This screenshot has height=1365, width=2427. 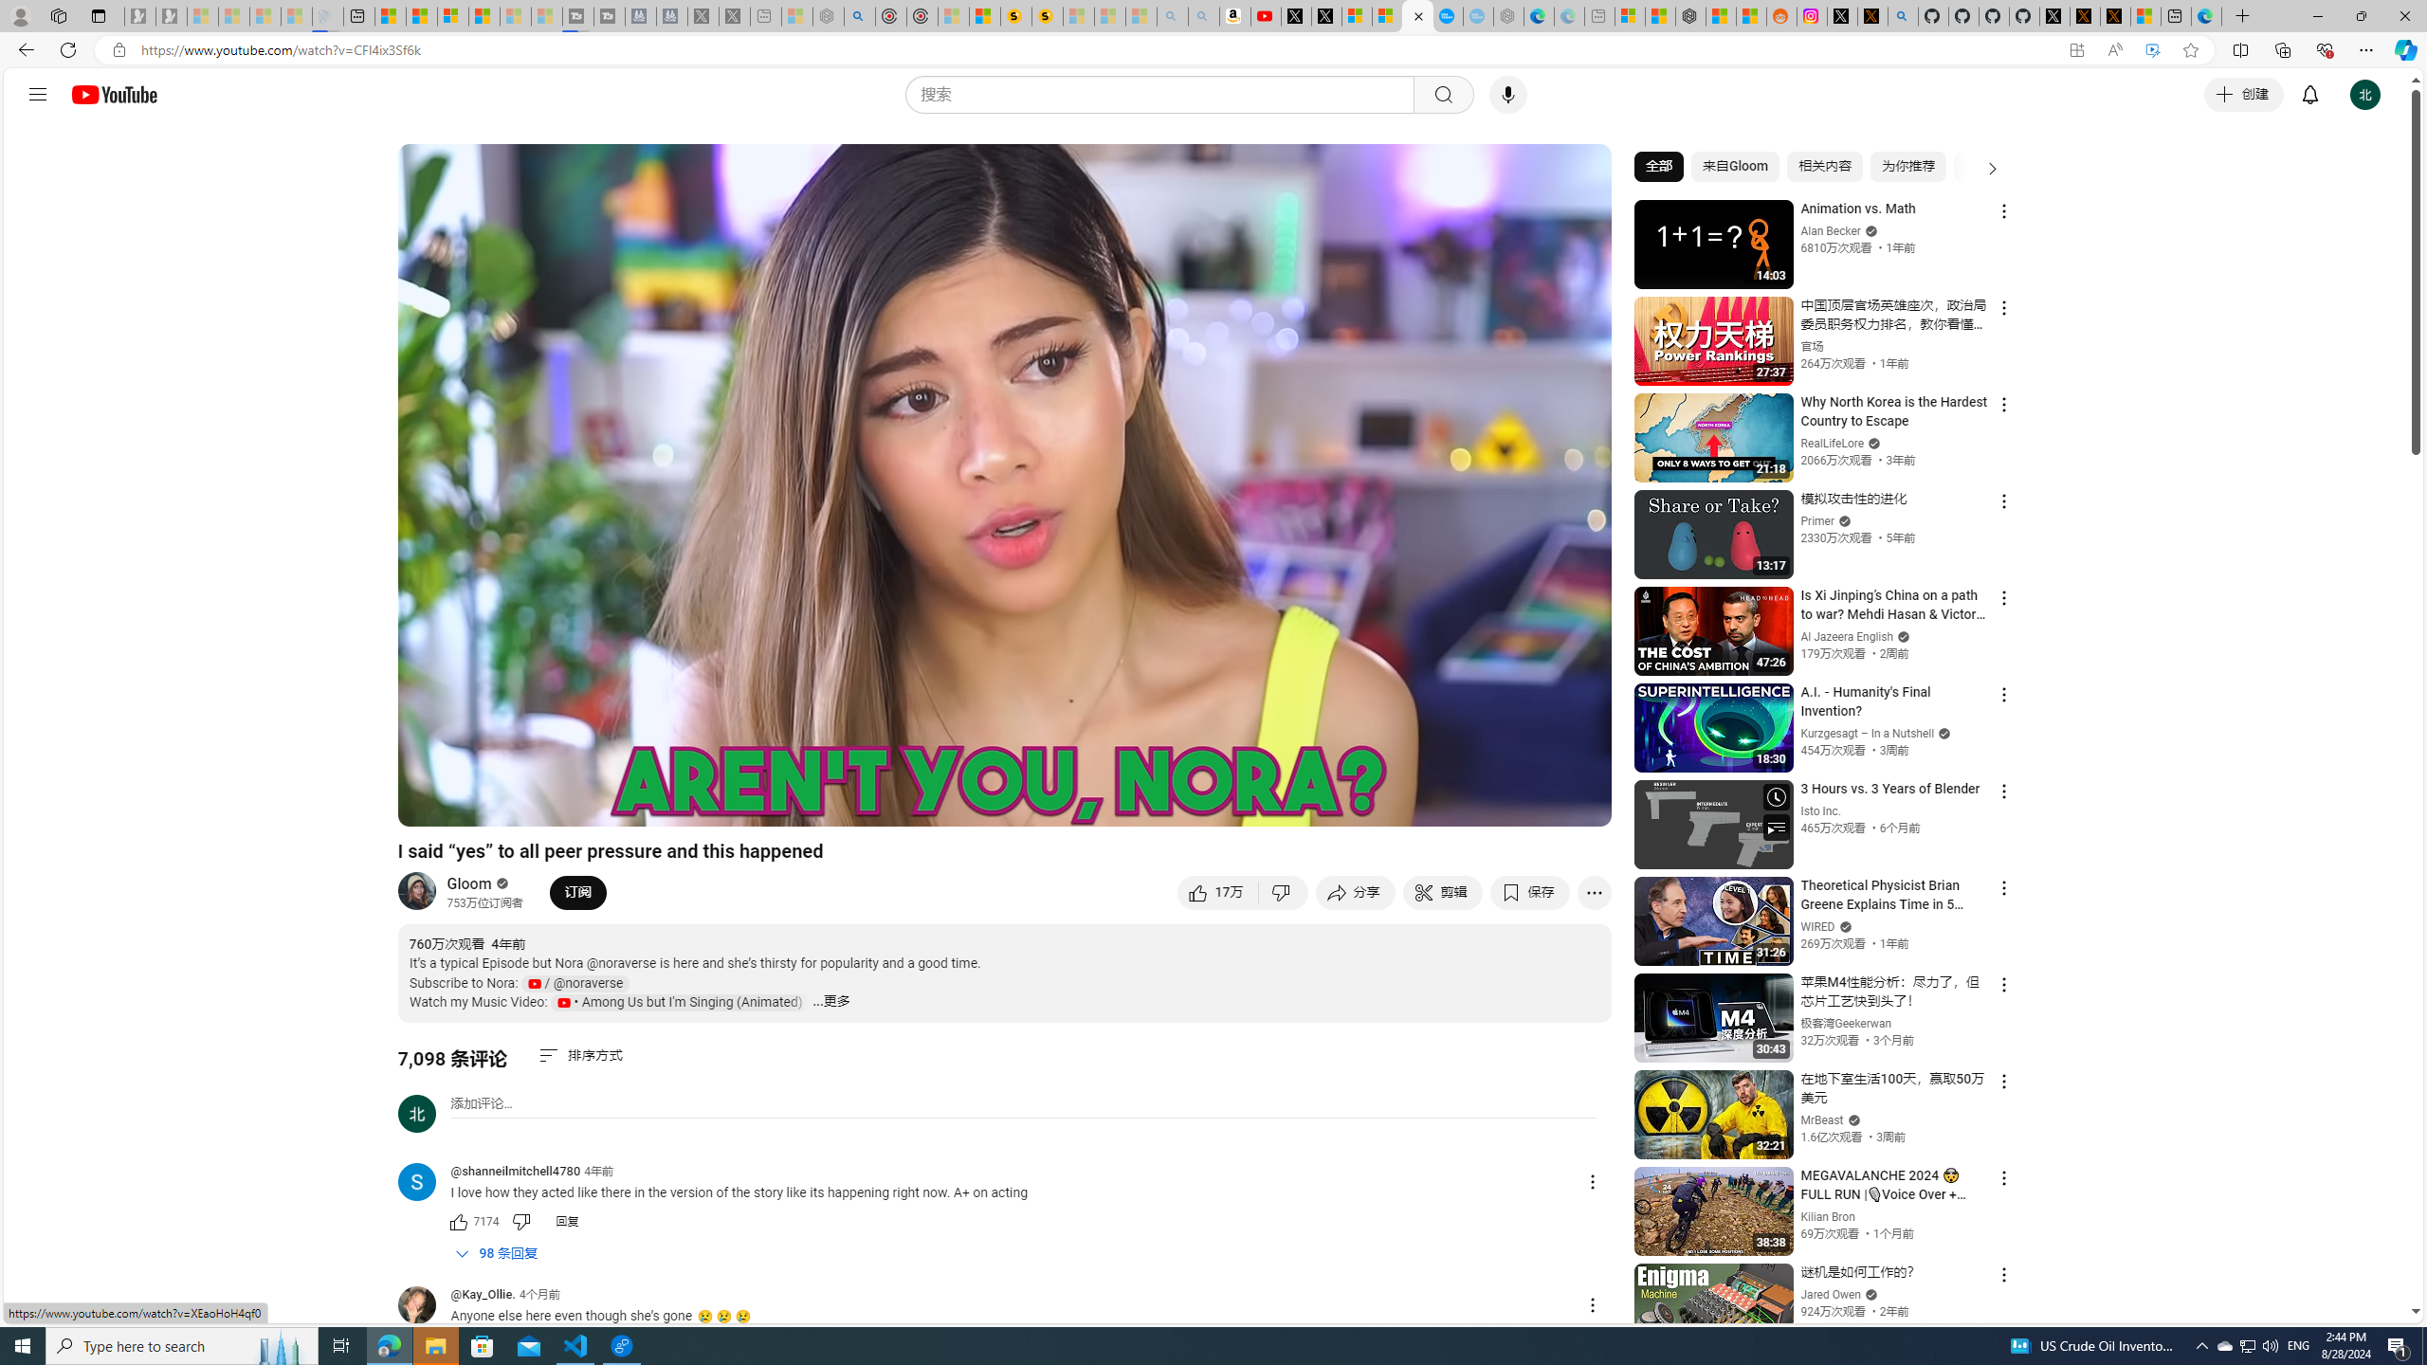 I want to click on 'Browser essentials', so click(x=2324, y=48).